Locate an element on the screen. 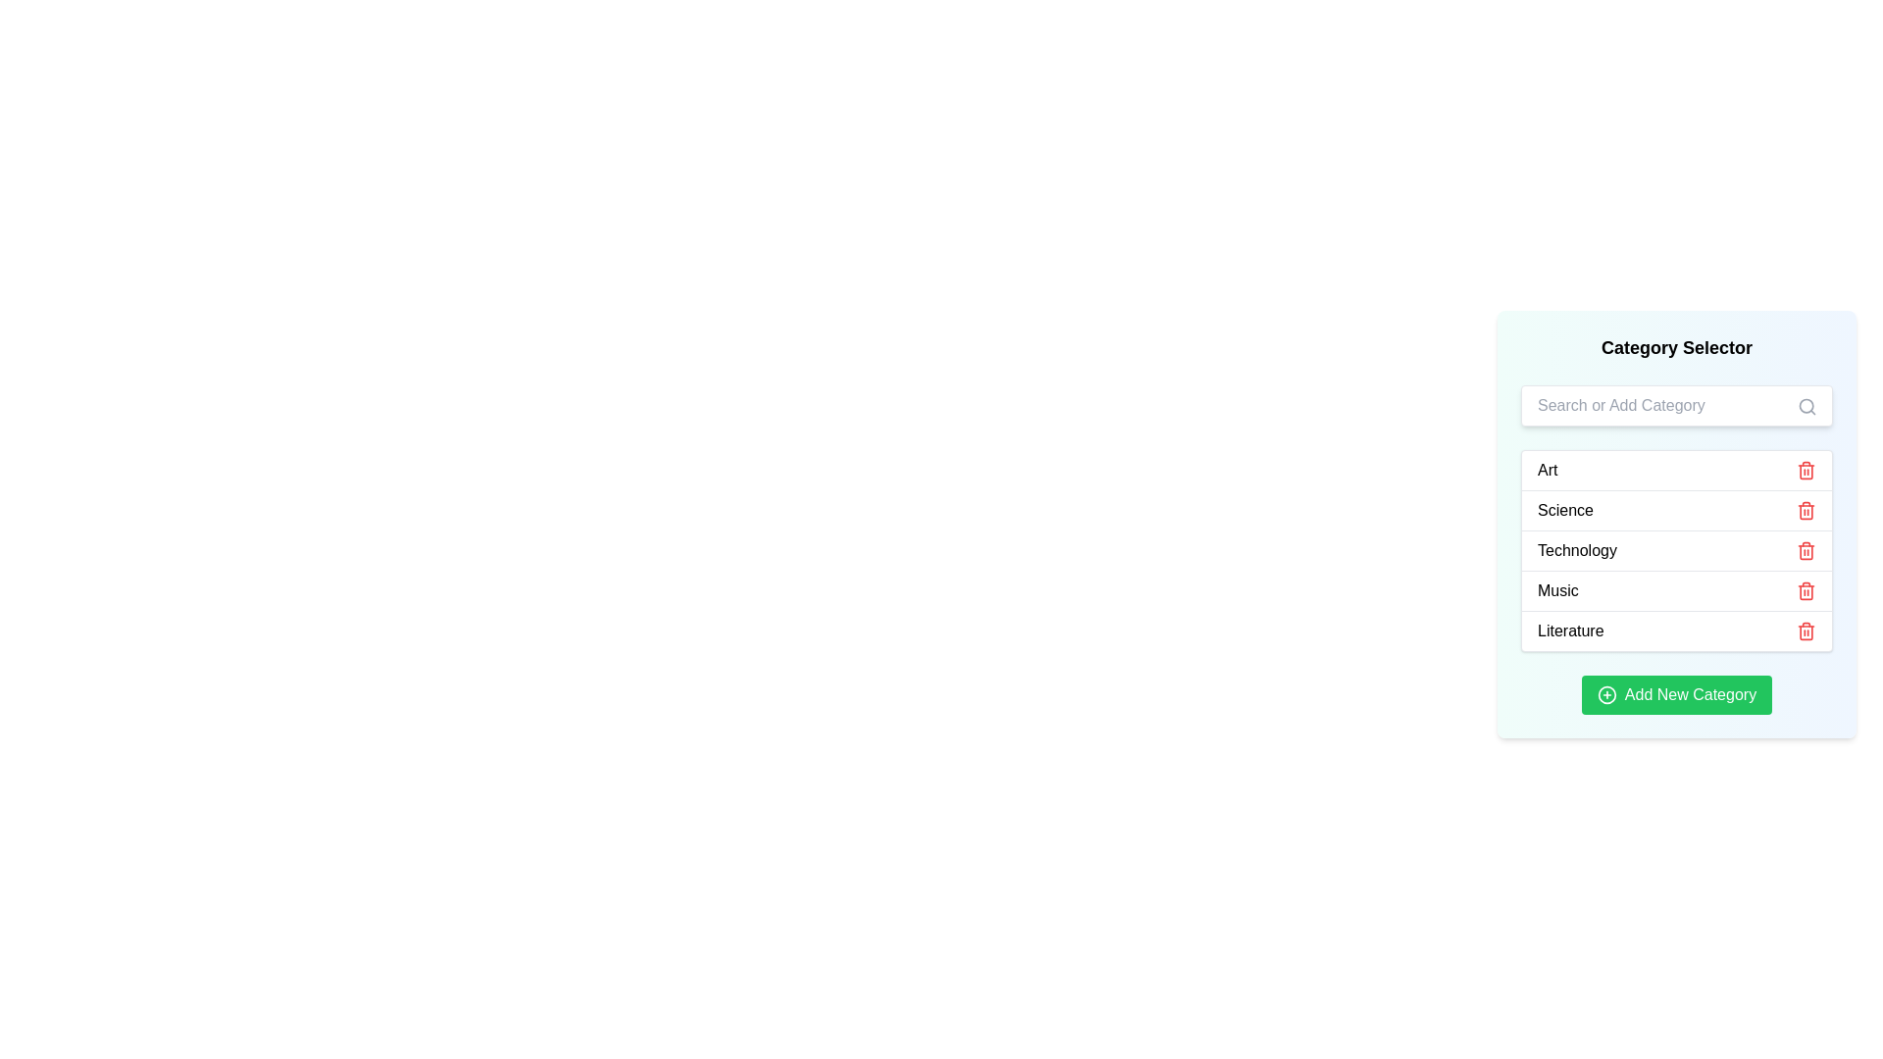 Image resolution: width=1883 pixels, height=1059 pixels. the delete icon button for the 'Art' category, located to the far right of the category selector list, to change its color is located at coordinates (1806, 470).